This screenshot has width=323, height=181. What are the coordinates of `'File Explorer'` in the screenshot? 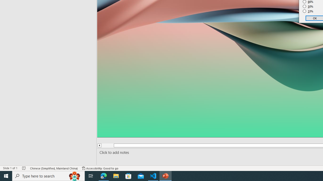 It's located at (116, 175).